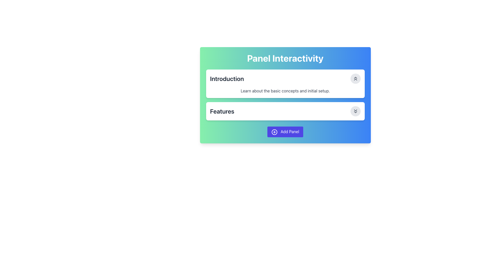 The height and width of the screenshot is (275, 488). I want to click on the text block that displays 'Learn about the basic concepts and initial setup.' positioned below the 'Introduction' title, so click(285, 91).